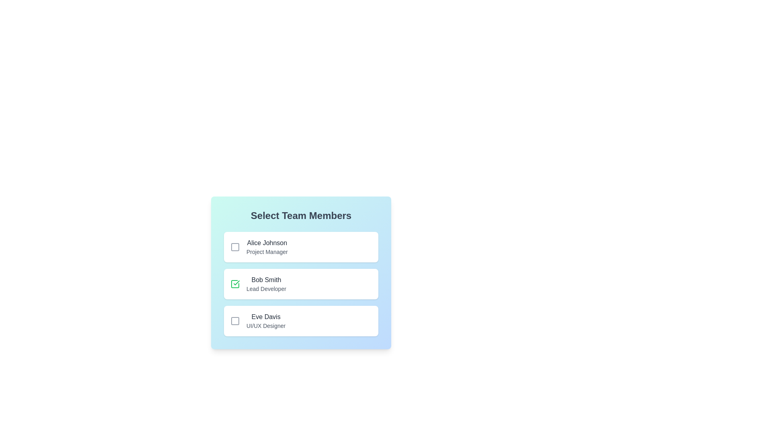 The width and height of the screenshot is (772, 434). I want to click on the second card in the vertical list representing a team member, which includes a checkbox for selection, so click(300, 272).